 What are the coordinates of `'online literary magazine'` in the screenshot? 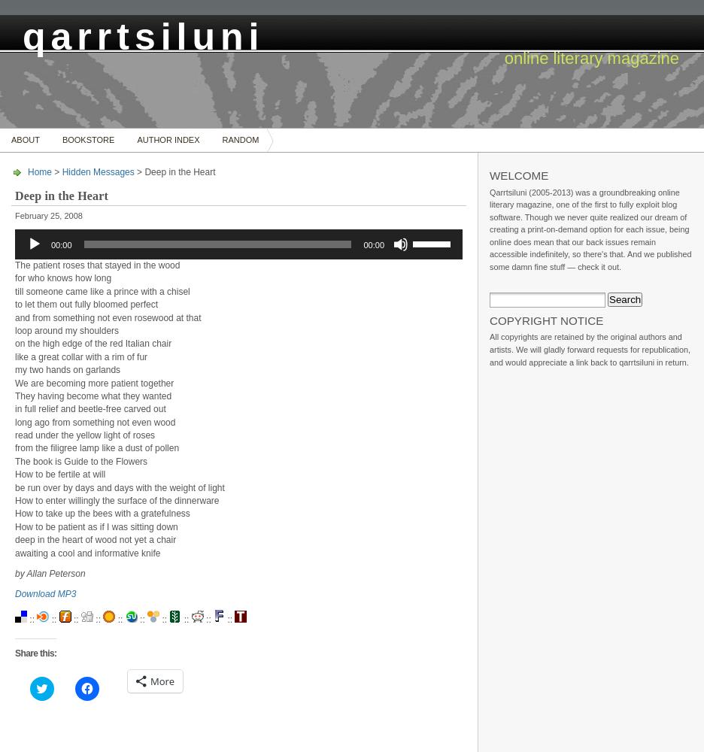 It's located at (590, 57).